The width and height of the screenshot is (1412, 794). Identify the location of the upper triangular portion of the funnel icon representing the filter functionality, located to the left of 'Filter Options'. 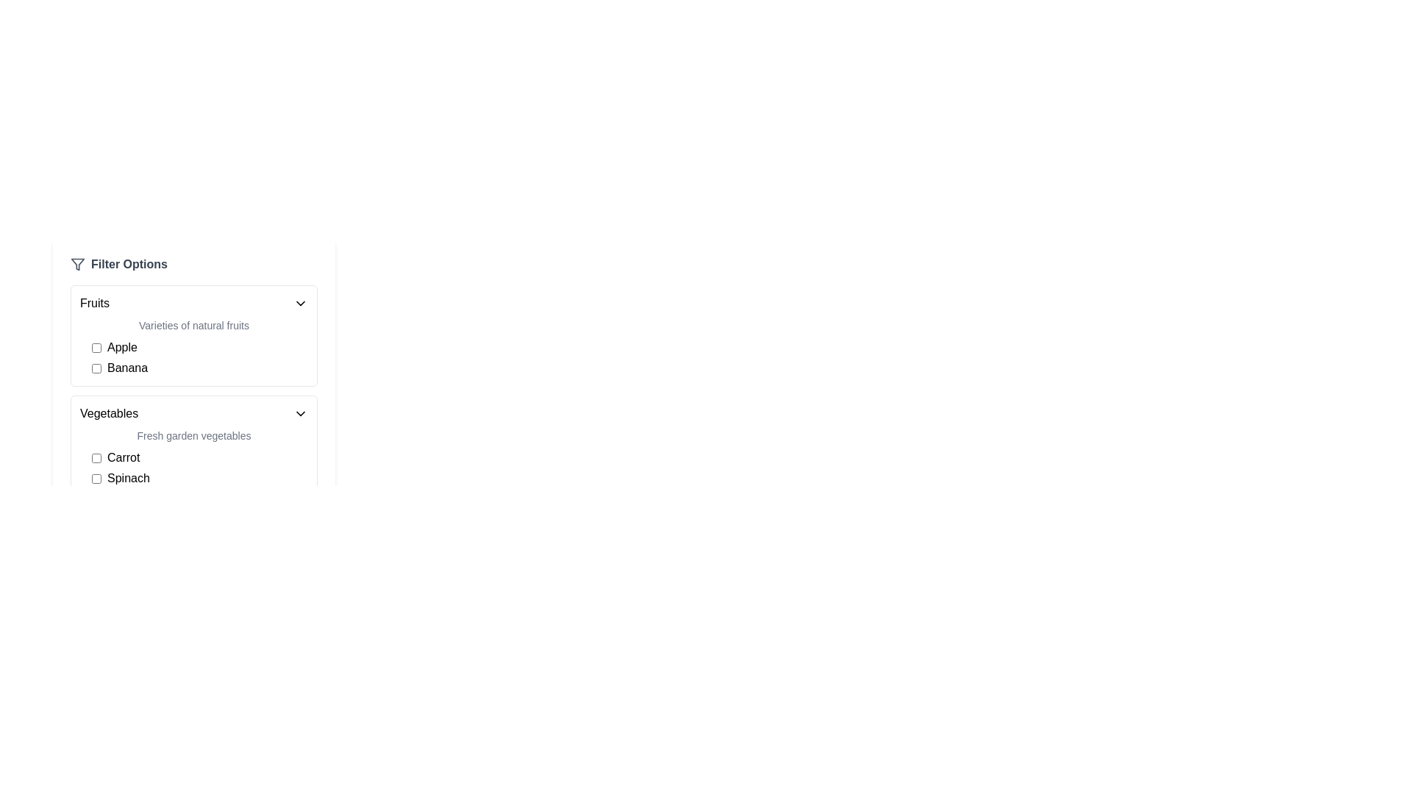
(76, 263).